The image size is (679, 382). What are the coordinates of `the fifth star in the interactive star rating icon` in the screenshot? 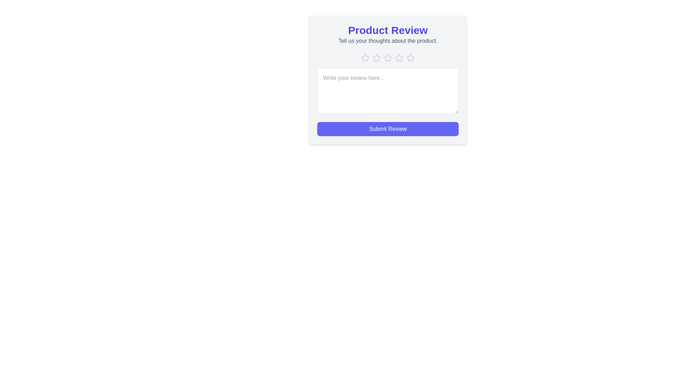 It's located at (411, 58).